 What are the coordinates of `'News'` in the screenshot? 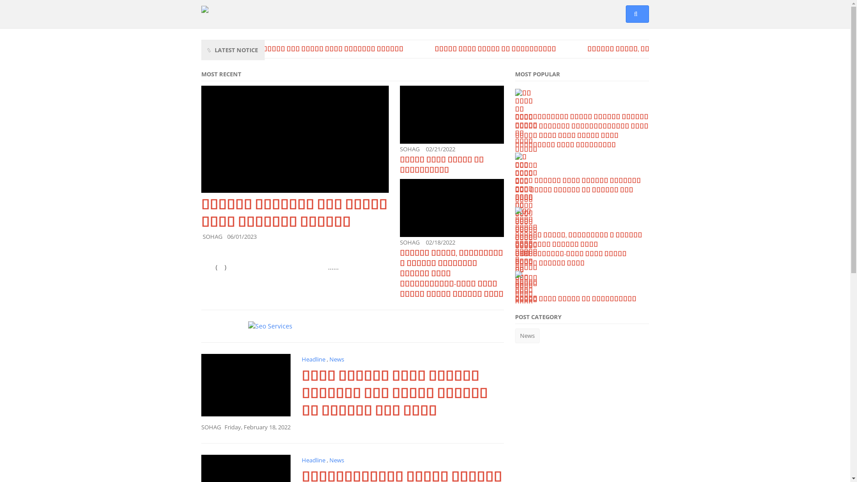 It's located at (336, 460).